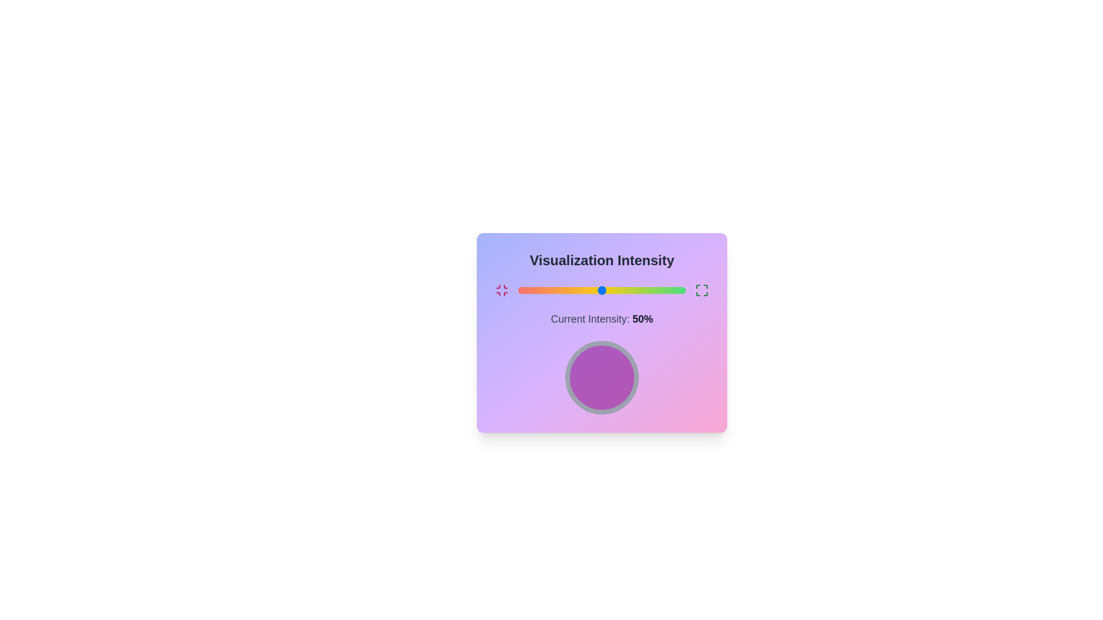  What do you see at coordinates (701, 289) in the screenshot?
I see `the 'Maximize' icon to expand the visualization` at bounding box center [701, 289].